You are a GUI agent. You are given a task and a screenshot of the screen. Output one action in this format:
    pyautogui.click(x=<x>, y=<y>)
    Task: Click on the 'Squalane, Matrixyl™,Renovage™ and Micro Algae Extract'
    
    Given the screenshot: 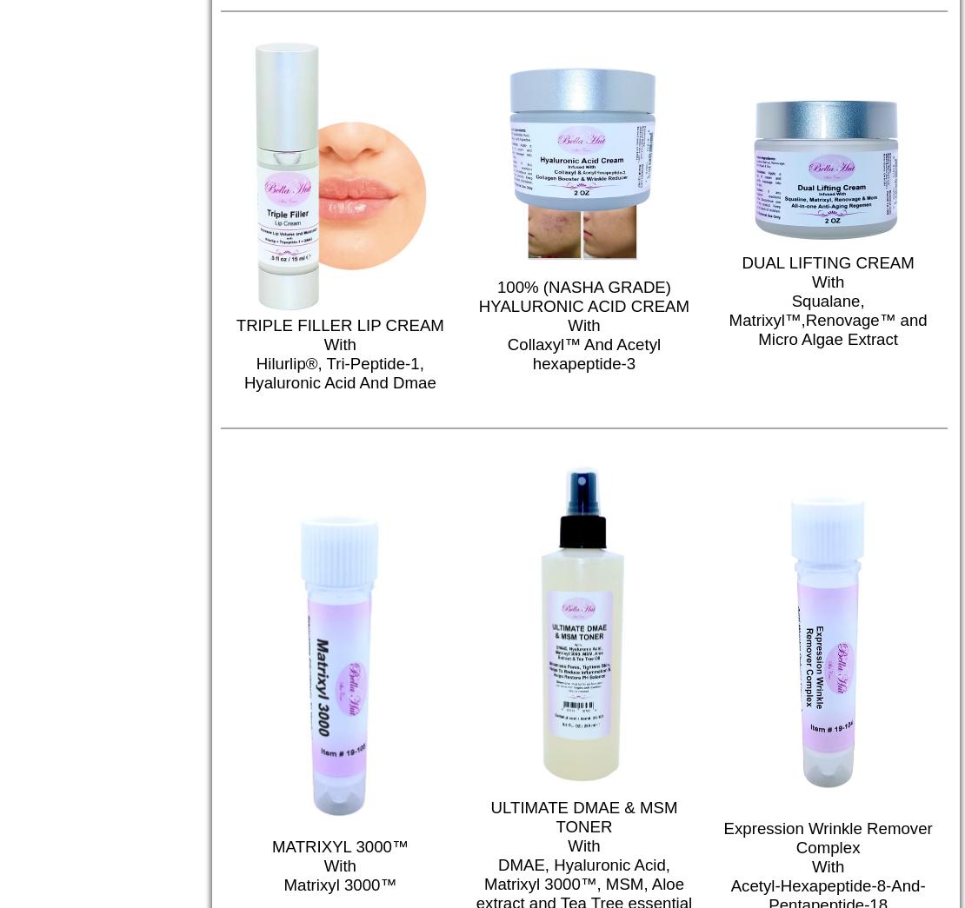 What is the action you would take?
    pyautogui.click(x=827, y=319)
    